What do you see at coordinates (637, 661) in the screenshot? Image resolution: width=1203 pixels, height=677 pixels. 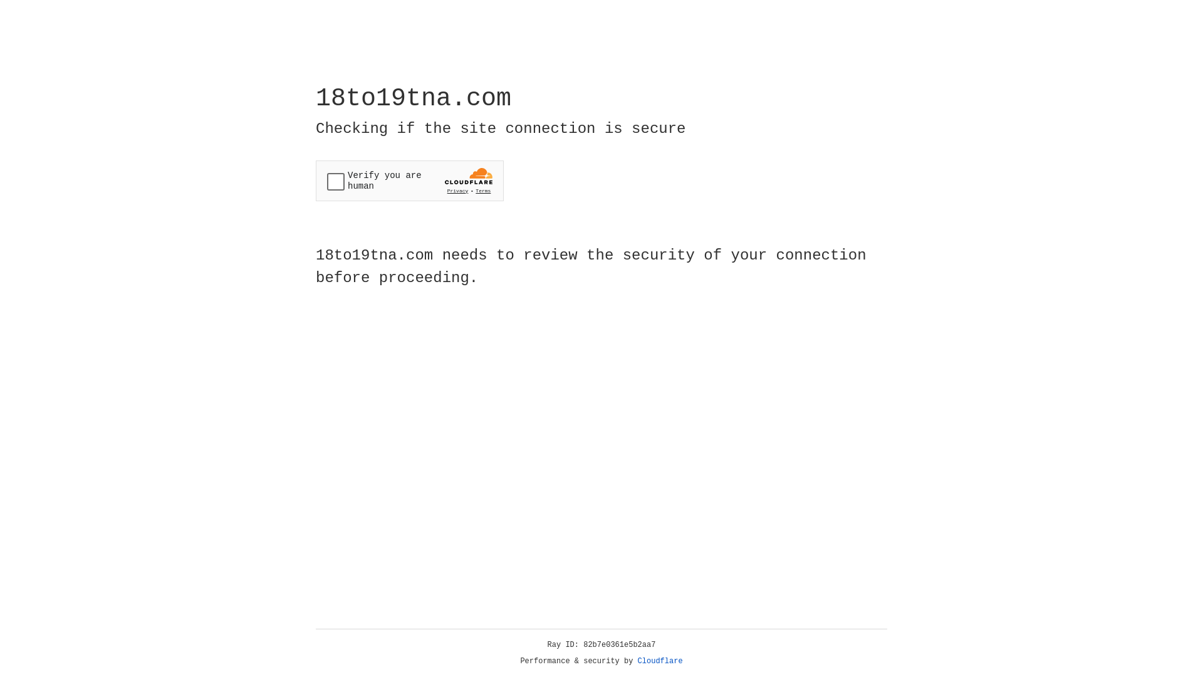 I see `'Cloudflare'` at bounding box center [637, 661].